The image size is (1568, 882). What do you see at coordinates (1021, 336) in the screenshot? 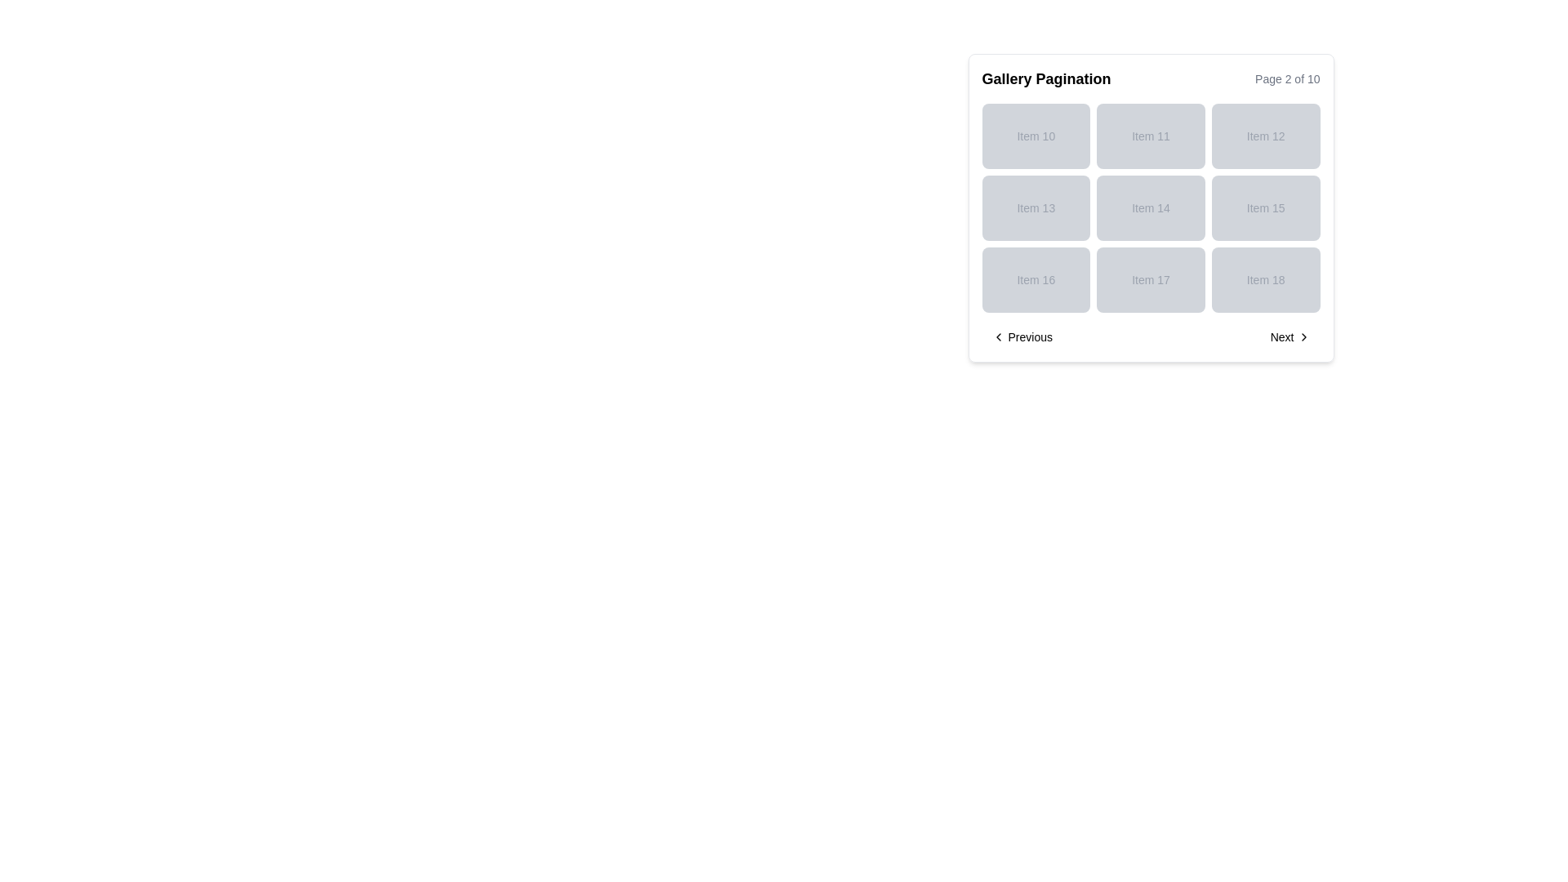
I see `the 'Previous' button, which is a textual button with a left-facing chevron icon, located in the bottom left corner of the pagination controls` at bounding box center [1021, 336].